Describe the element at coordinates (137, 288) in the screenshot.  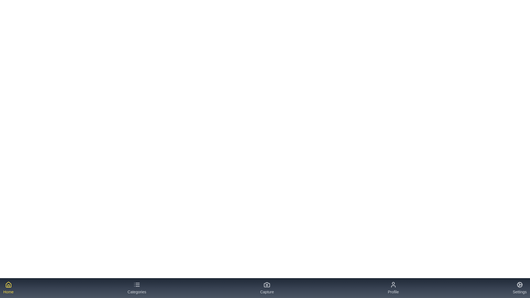
I see `the Categories tab in the bottom navigation bar` at that location.